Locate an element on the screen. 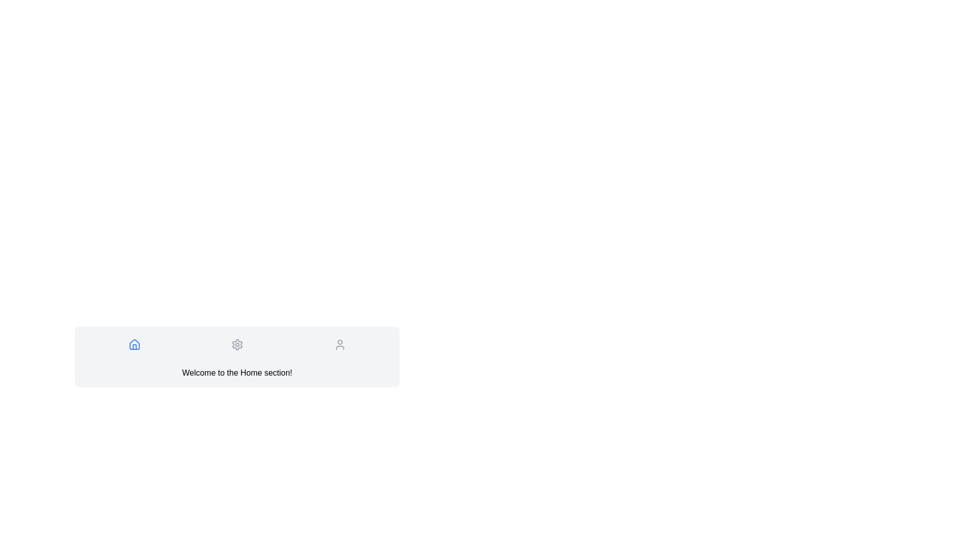  the user profile icon located in the rightmost group of the horizontal navigation bar is located at coordinates (340, 344).